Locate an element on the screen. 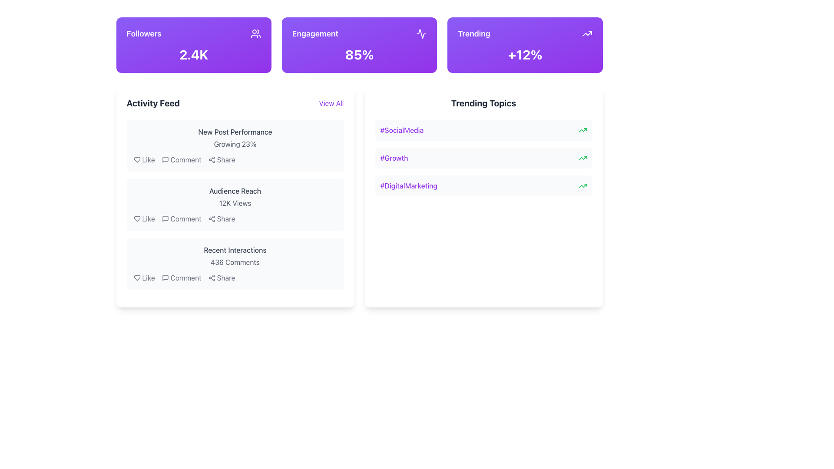 The image size is (834, 469). the small icon resembling three connected circles arranged in a triangular form, which is part of the 'Share' button located below the 'Recent Interactions' section in the 'Activity Feed' is located at coordinates (212, 278).